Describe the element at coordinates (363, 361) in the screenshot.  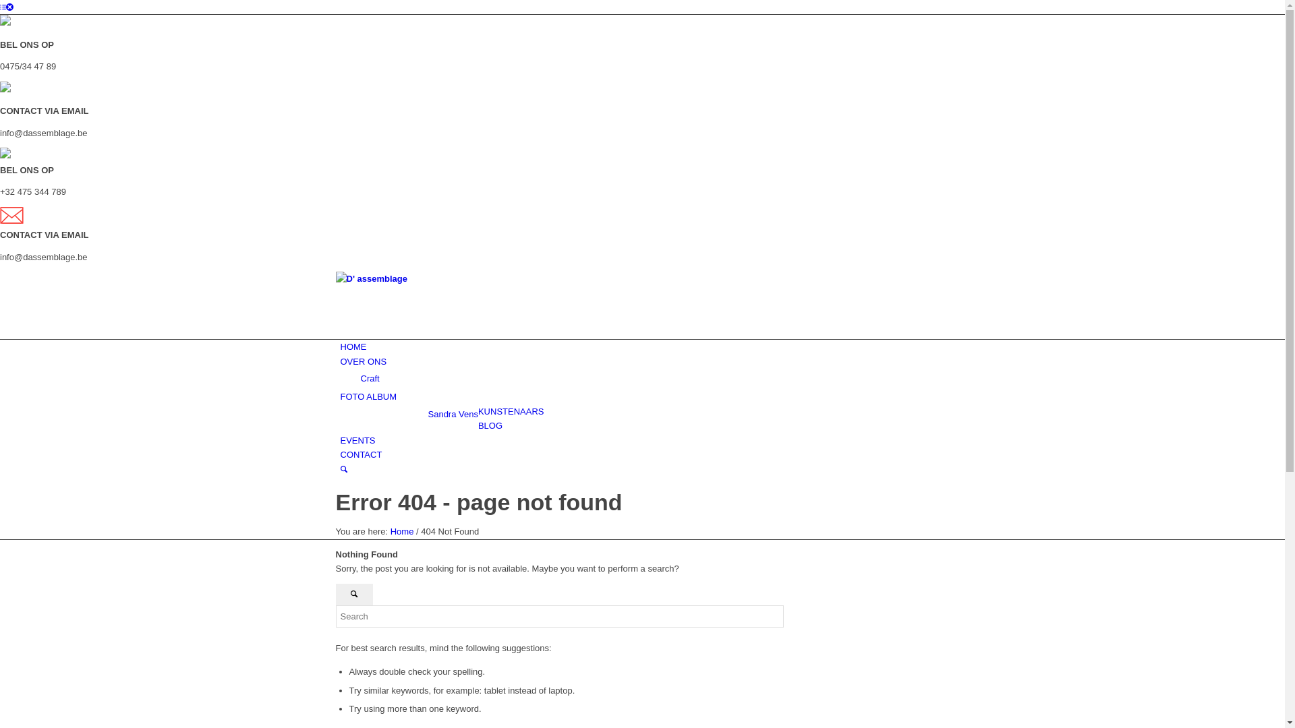
I see `'OVER ONS'` at that location.